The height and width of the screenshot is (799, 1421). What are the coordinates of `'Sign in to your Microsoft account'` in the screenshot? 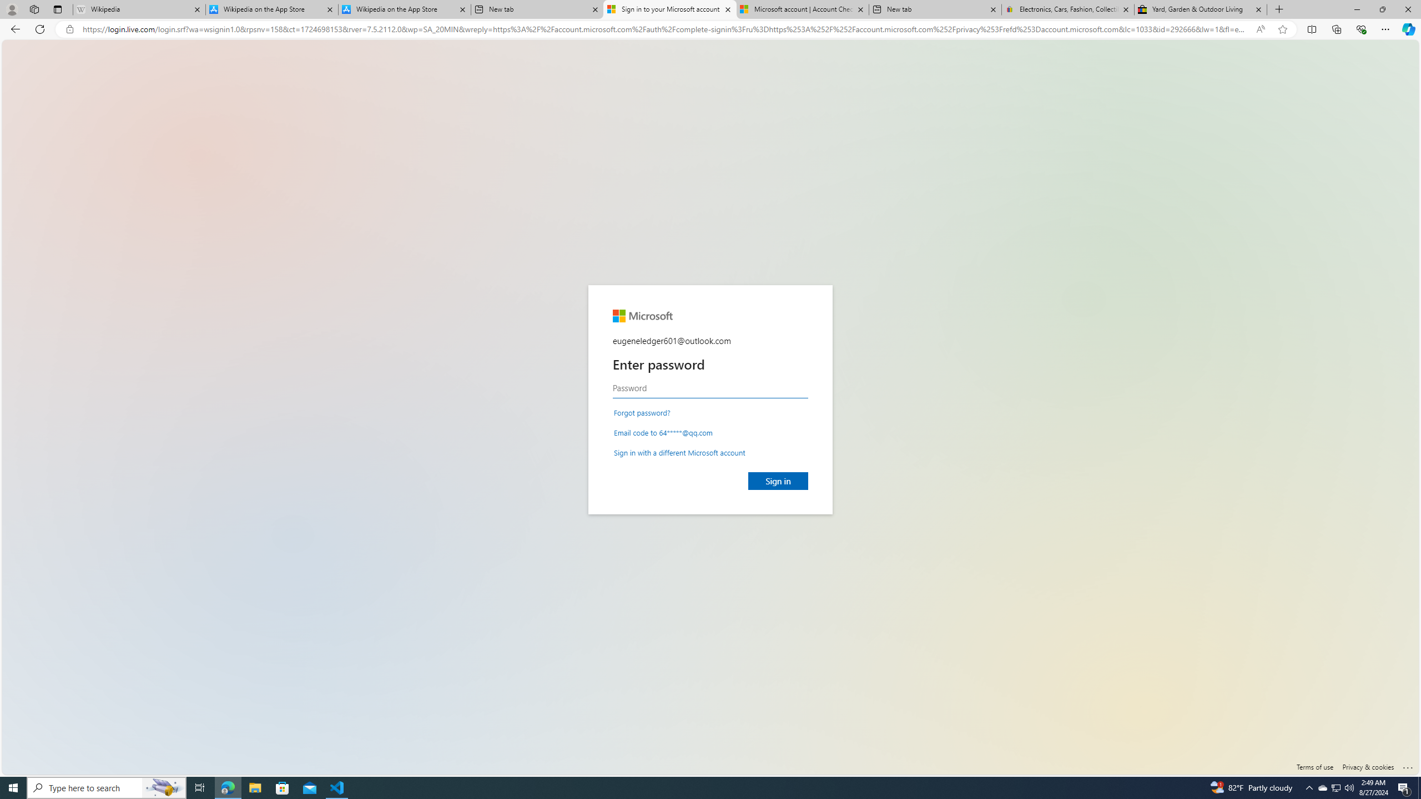 It's located at (668, 9).